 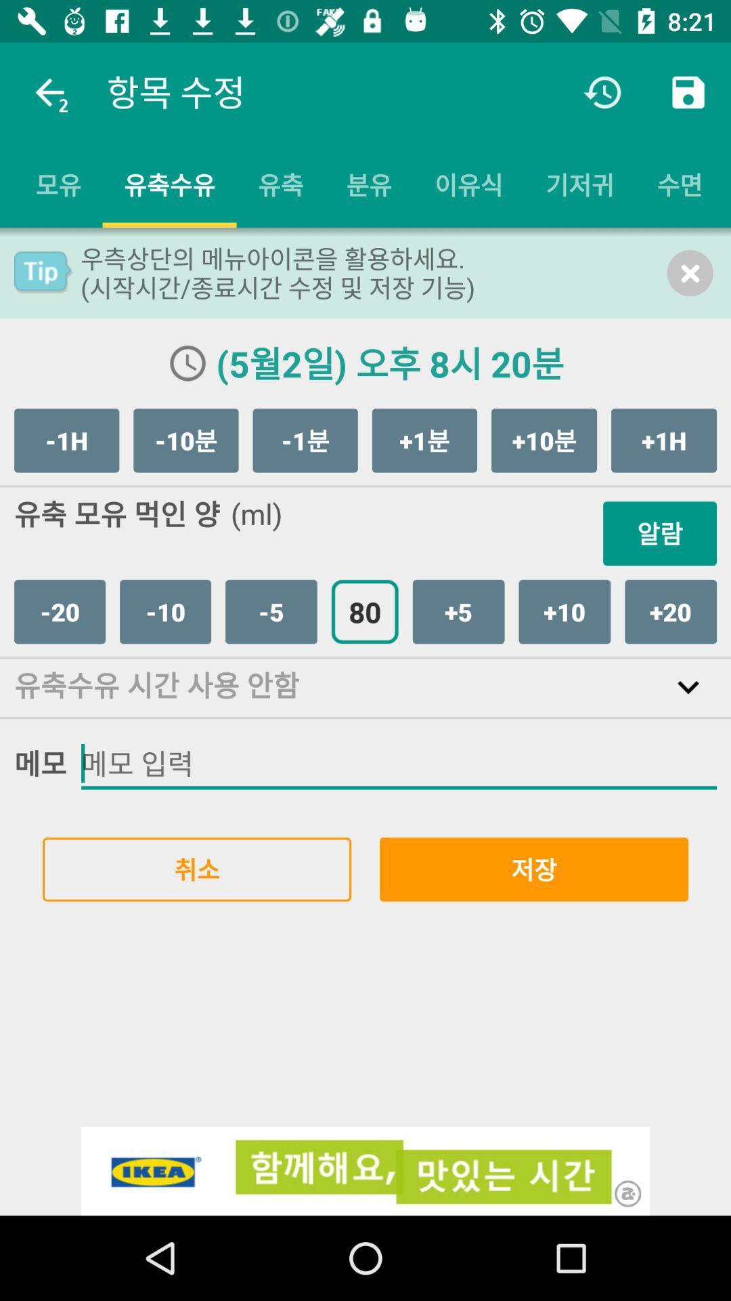 I want to click on icon next to (ml) icon, so click(x=659, y=533).